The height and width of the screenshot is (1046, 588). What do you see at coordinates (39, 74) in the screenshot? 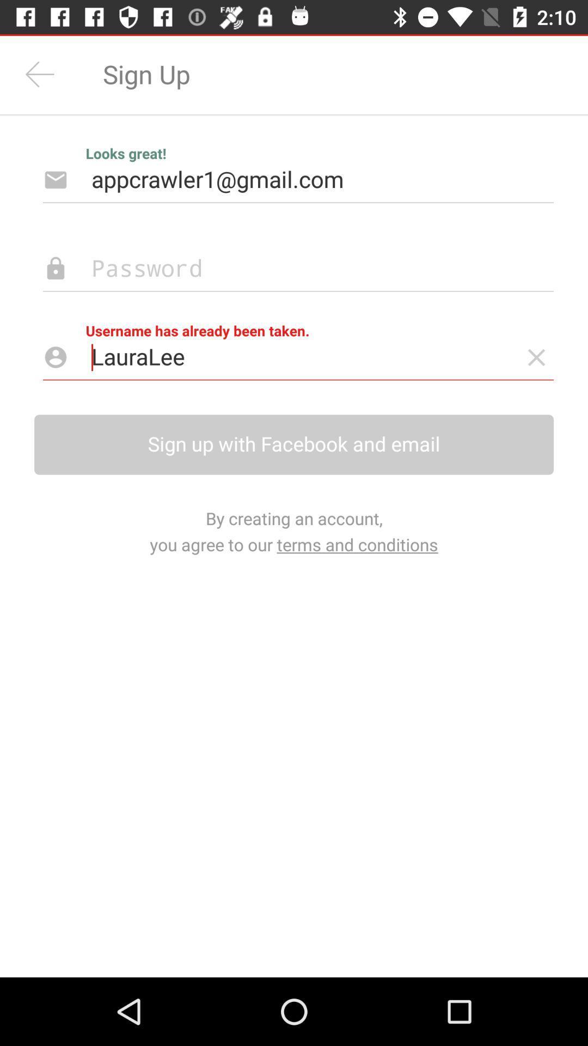
I see `previous` at bounding box center [39, 74].